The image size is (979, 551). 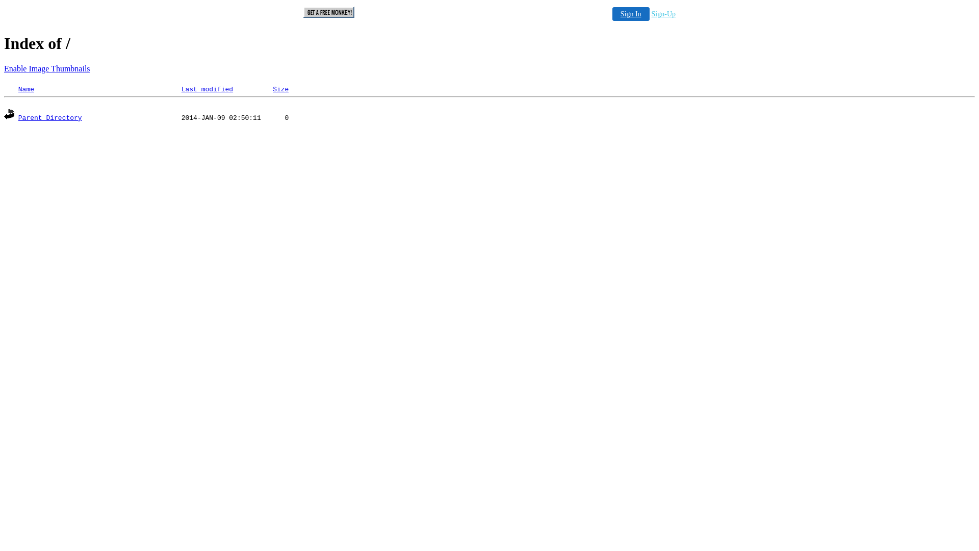 I want to click on 'Sign-Up', so click(x=663, y=14).